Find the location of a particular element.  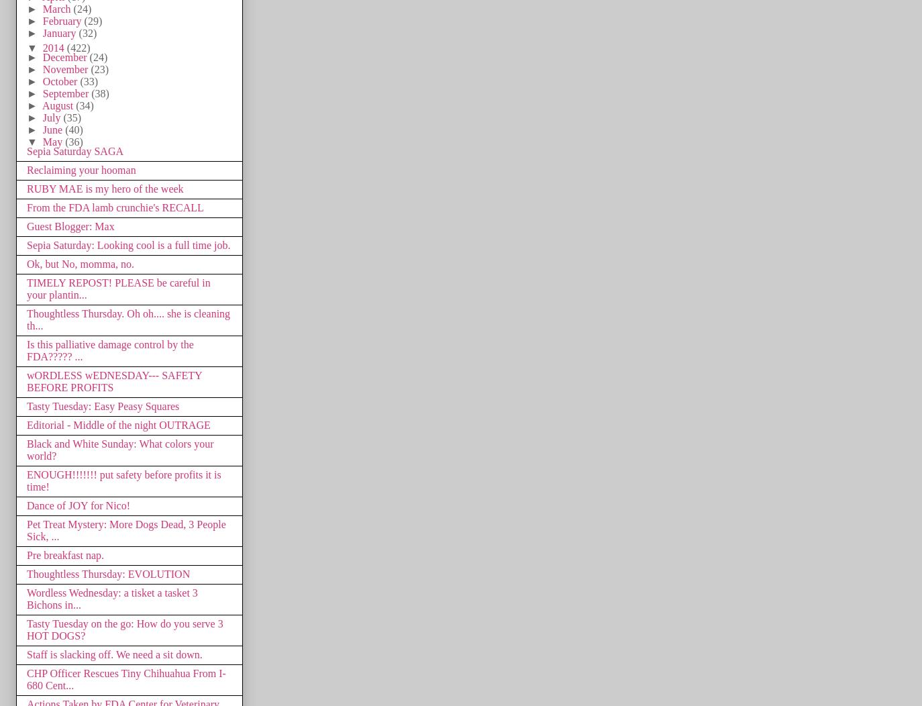

'July' is located at coordinates (52, 116).